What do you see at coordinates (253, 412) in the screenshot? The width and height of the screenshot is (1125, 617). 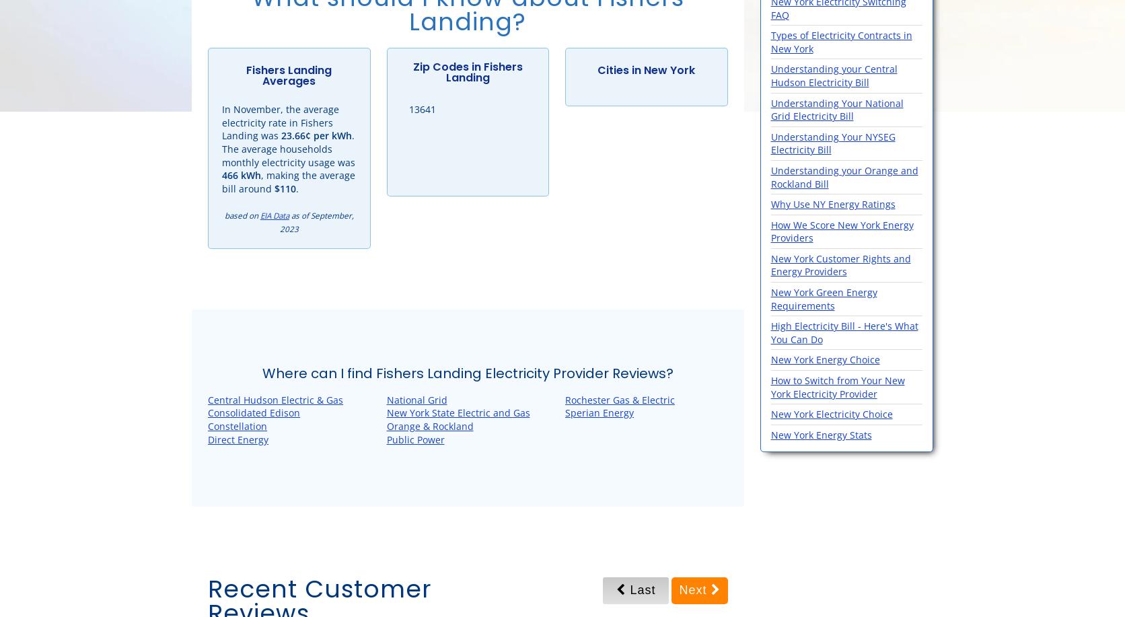 I see `'Consolidated Edison'` at bounding box center [253, 412].